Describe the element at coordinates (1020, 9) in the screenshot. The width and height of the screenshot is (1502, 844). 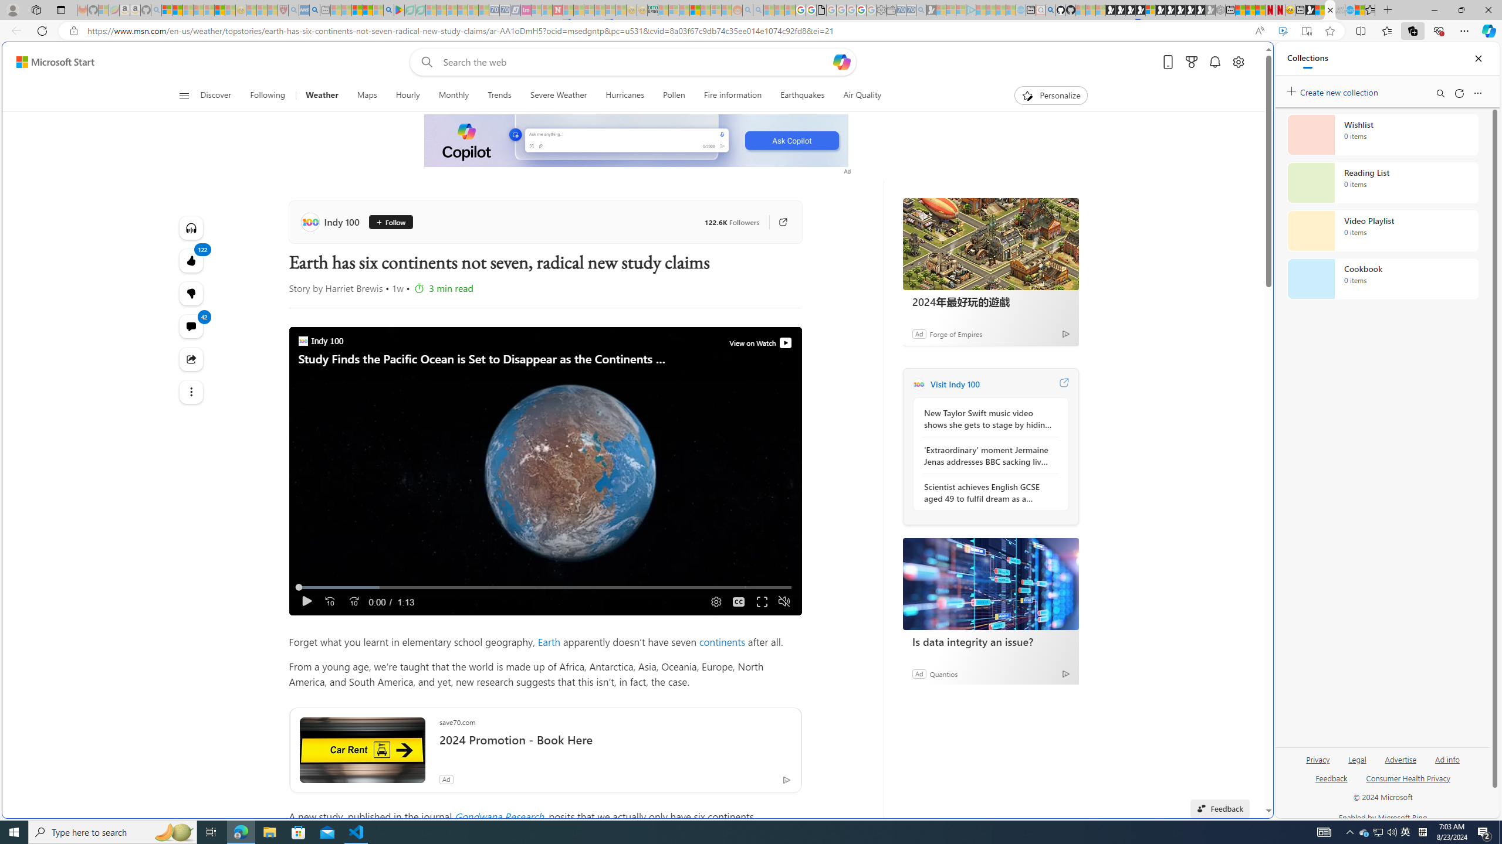
I see `'Home | Sky Blue Bikes - Sky Blue Bikes - Sleeping'` at that location.